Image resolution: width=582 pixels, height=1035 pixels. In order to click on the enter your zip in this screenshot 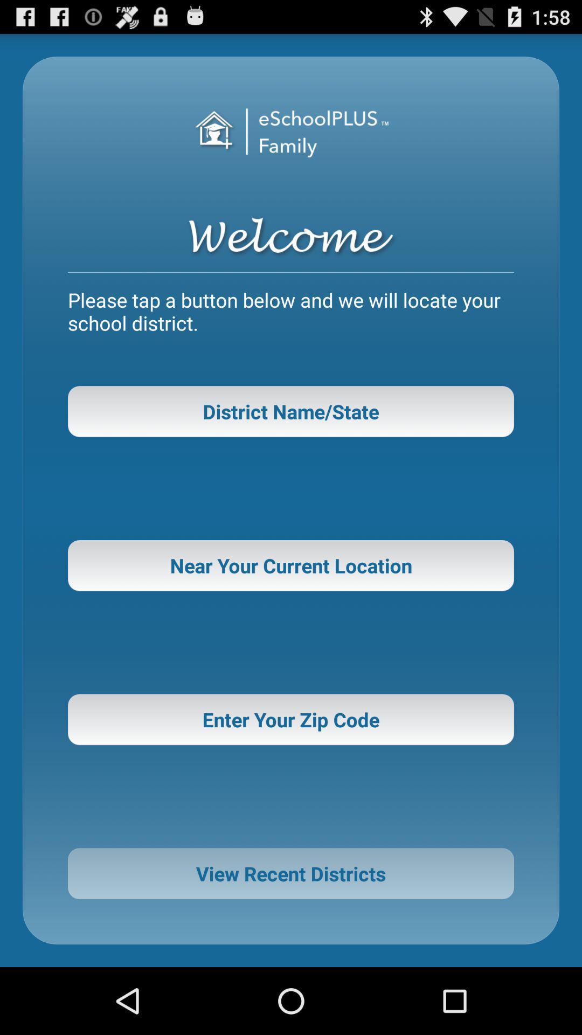, I will do `click(291, 719)`.